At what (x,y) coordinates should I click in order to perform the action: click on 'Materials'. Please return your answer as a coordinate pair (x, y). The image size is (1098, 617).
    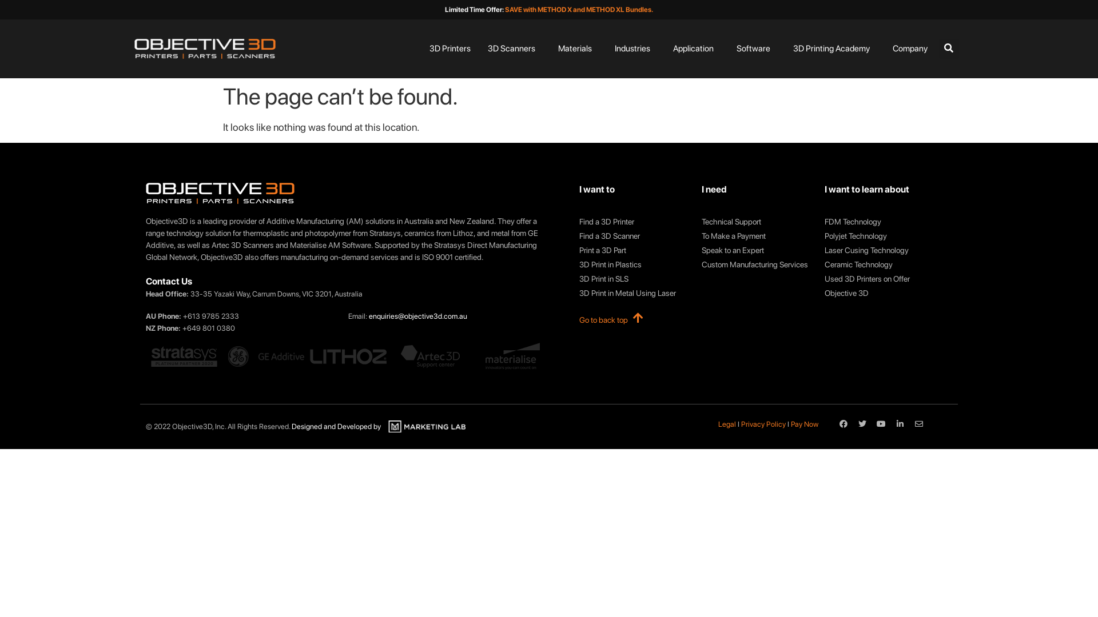
    Looking at the image, I should click on (575, 48).